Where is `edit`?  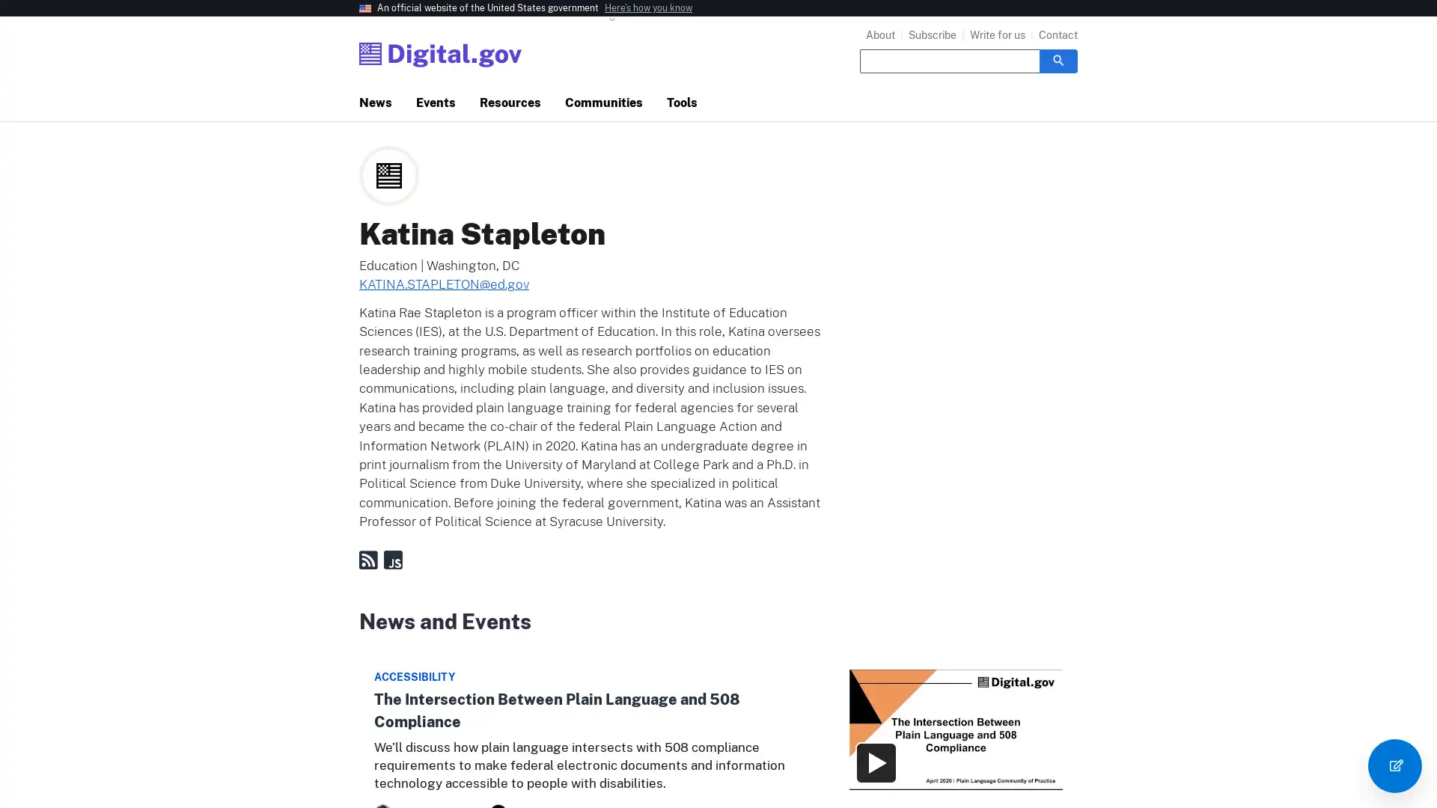
edit is located at coordinates (1394, 765).